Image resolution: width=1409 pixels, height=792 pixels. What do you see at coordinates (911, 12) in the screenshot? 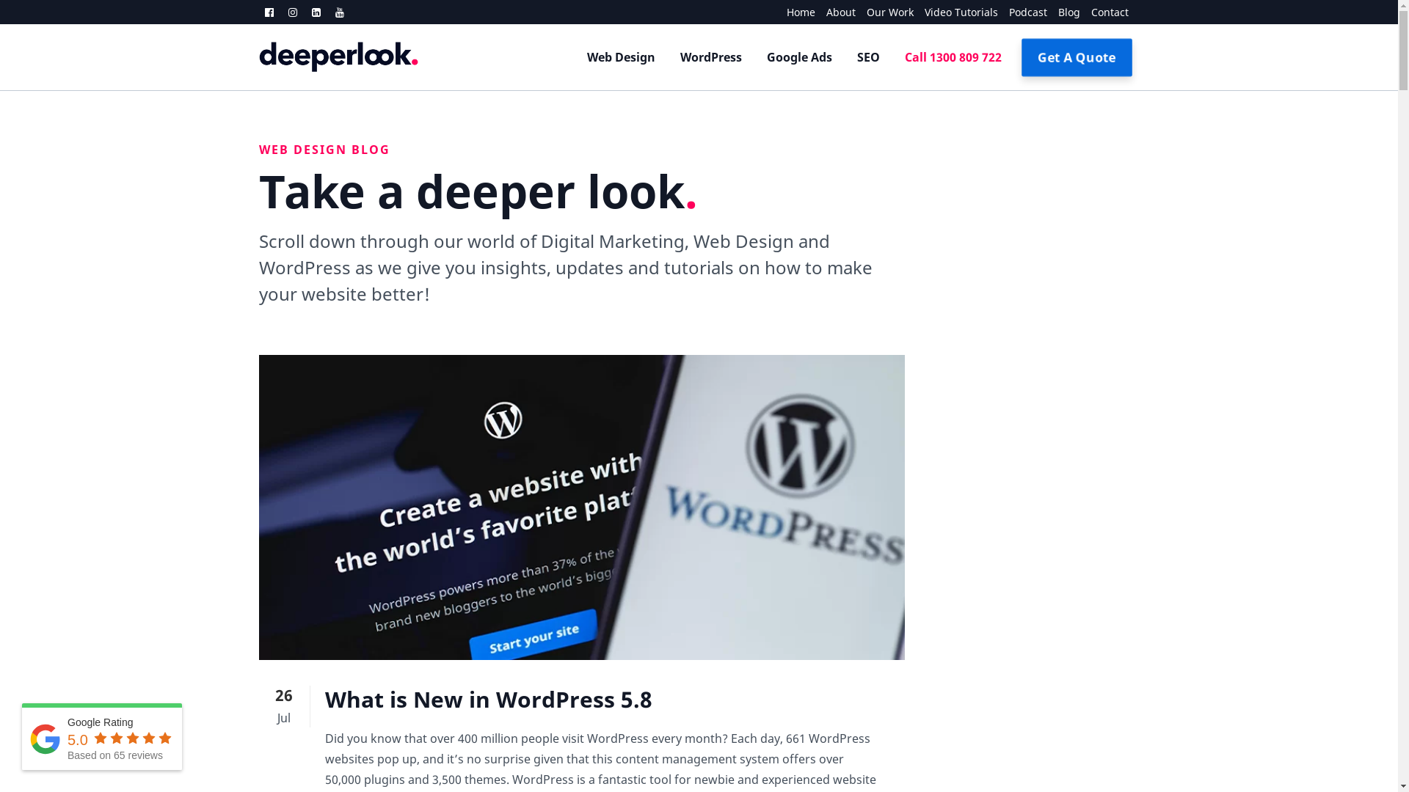
I see `'Video Tutorials'` at bounding box center [911, 12].